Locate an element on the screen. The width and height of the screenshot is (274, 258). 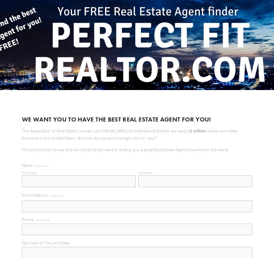
'Name' is located at coordinates (27, 165).